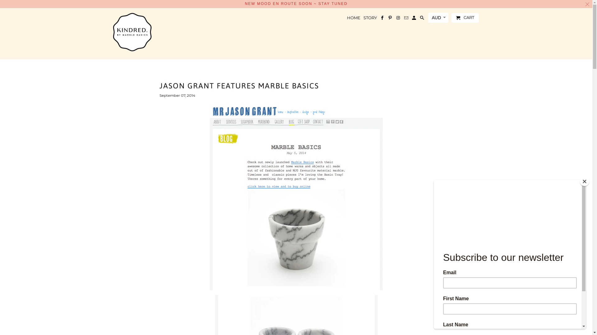 This screenshot has width=597, height=335. What do you see at coordinates (398, 19) in the screenshot?
I see `'Marble Basics on Instagram'` at bounding box center [398, 19].